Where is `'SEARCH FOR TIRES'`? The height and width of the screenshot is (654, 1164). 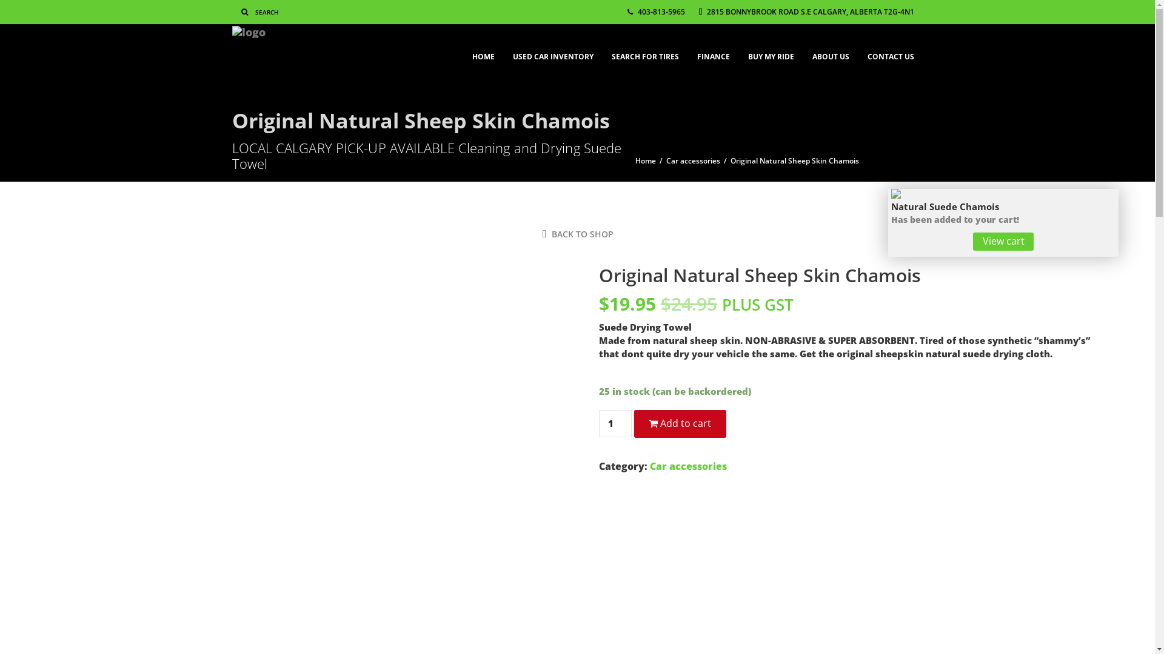 'SEARCH FOR TIRES' is located at coordinates (644, 50).